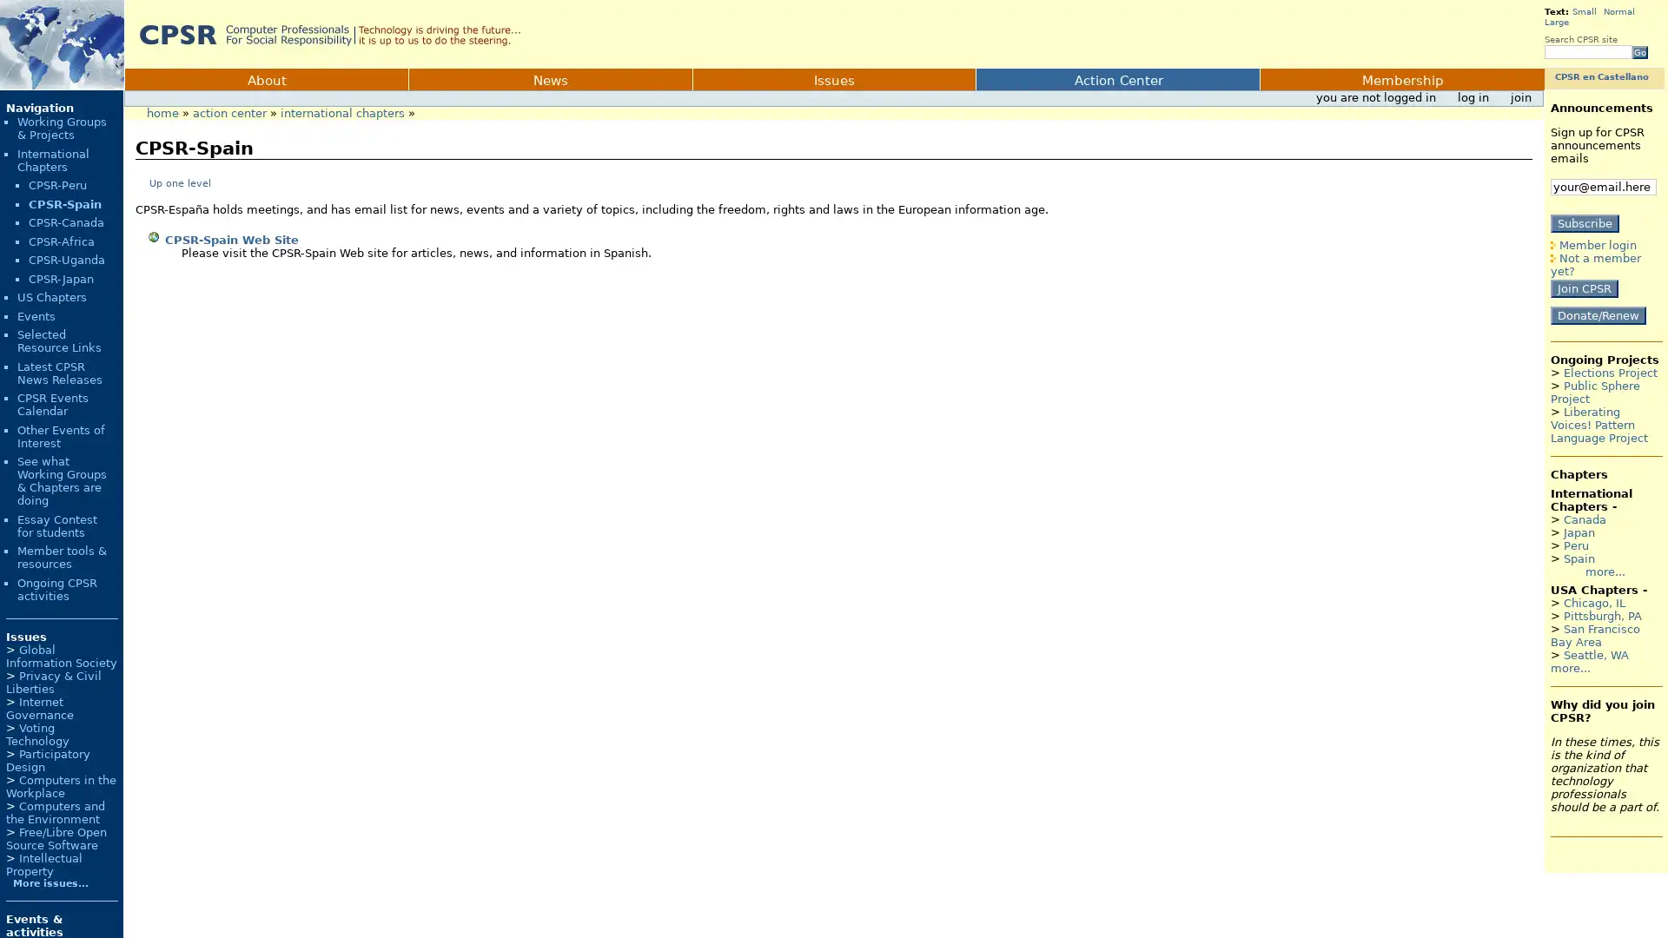 This screenshot has height=938, width=1668. I want to click on Go, so click(1638, 51).